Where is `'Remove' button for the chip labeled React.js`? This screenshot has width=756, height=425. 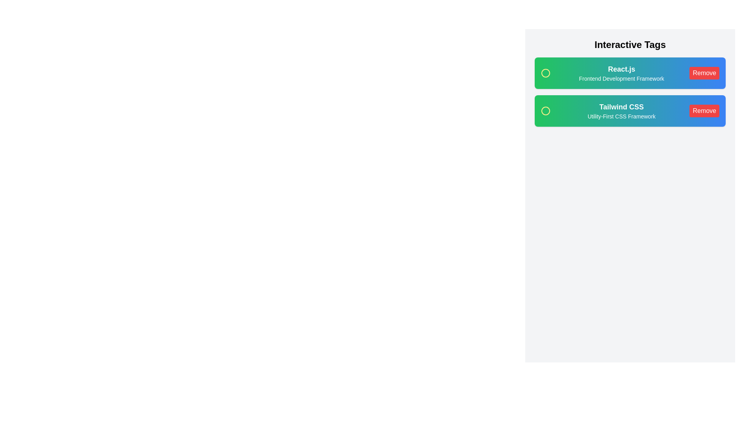 'Remove' button for the chip labeled React.js is located at coordinates (704, 73).